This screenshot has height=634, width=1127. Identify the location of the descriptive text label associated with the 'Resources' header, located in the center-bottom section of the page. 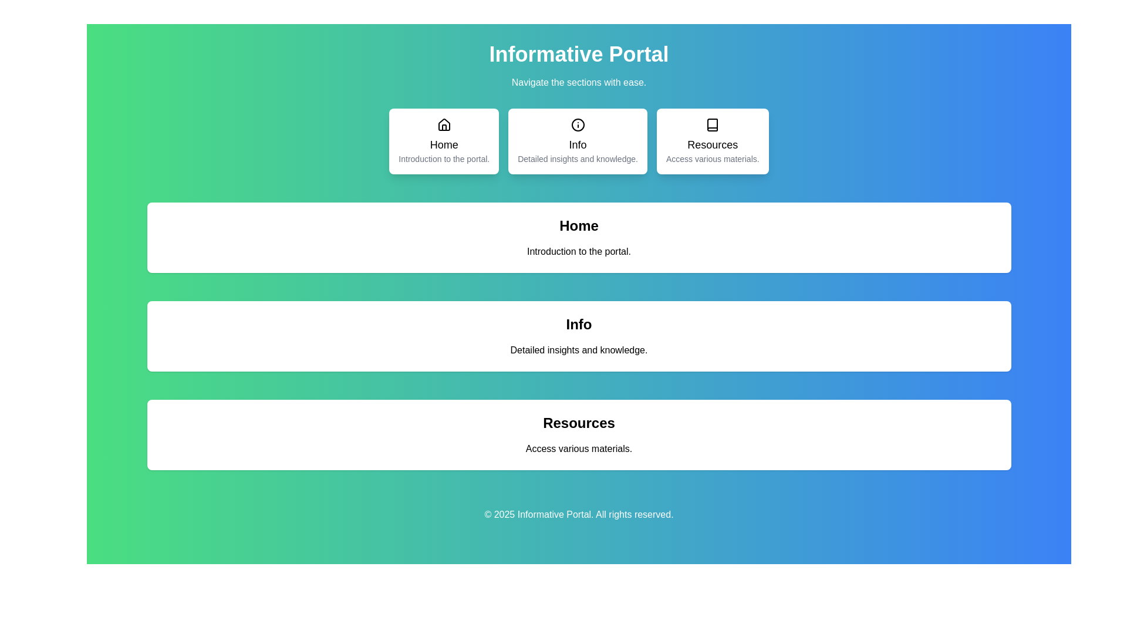
(579, 448).